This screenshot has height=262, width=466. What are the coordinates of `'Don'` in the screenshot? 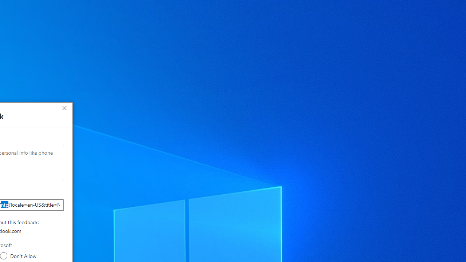 It's located at (4, 255).